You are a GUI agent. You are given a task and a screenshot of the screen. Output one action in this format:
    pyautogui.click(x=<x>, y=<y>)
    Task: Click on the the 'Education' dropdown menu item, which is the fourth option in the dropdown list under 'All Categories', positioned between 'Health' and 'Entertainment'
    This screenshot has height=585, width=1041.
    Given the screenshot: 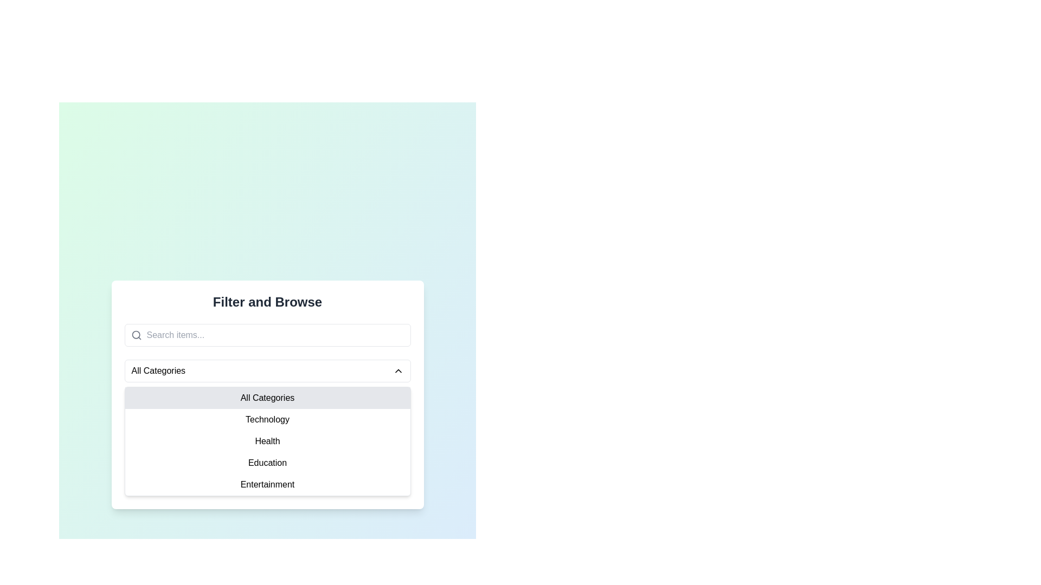 What is the action you would take?
    pyautogui.click(x=267, y=463)
    